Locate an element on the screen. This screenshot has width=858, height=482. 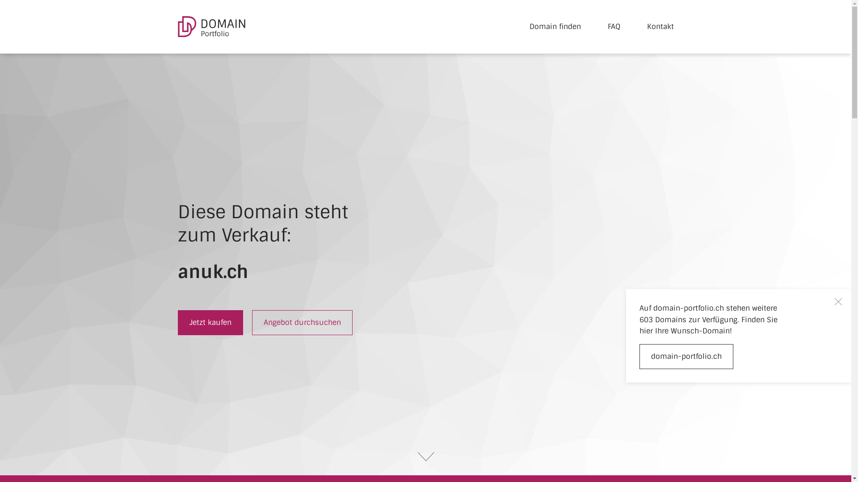
'Jetzt kaufen' is located at coordinates (210, 322).